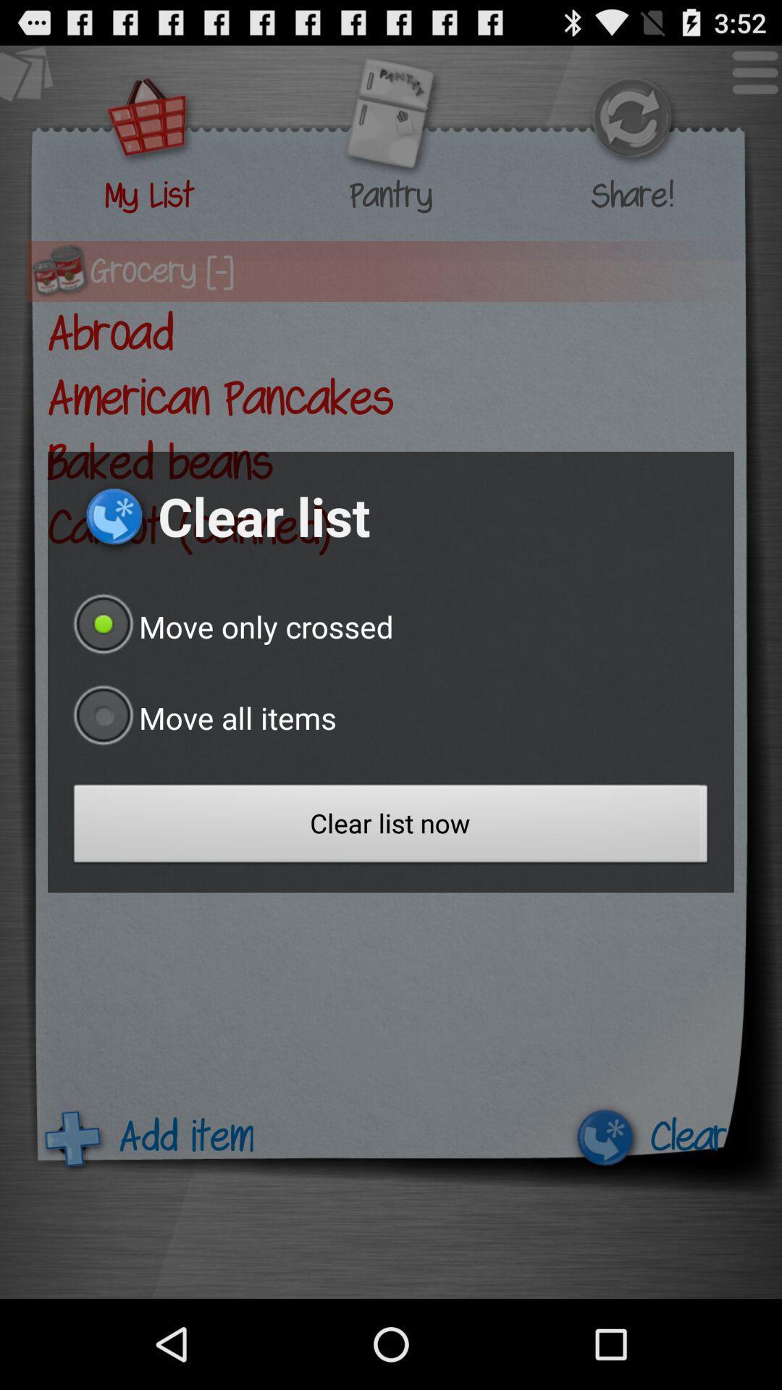 This screenshot has height=1390, width=782. I want to click on move all items icon, so click(201, 717).